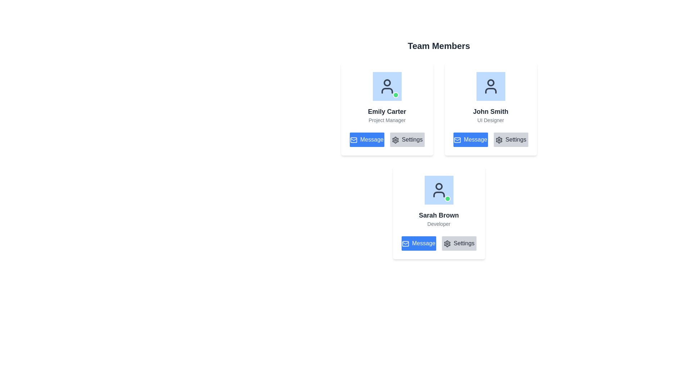  What do you see at coordinates (406, 243) in the screenshot?
I see `the blue envelope icon associated with the email message, located to the left of the 'Message' button in the card displaying 'Sarah Brown, Developer'` at bounding box center [406, 243].